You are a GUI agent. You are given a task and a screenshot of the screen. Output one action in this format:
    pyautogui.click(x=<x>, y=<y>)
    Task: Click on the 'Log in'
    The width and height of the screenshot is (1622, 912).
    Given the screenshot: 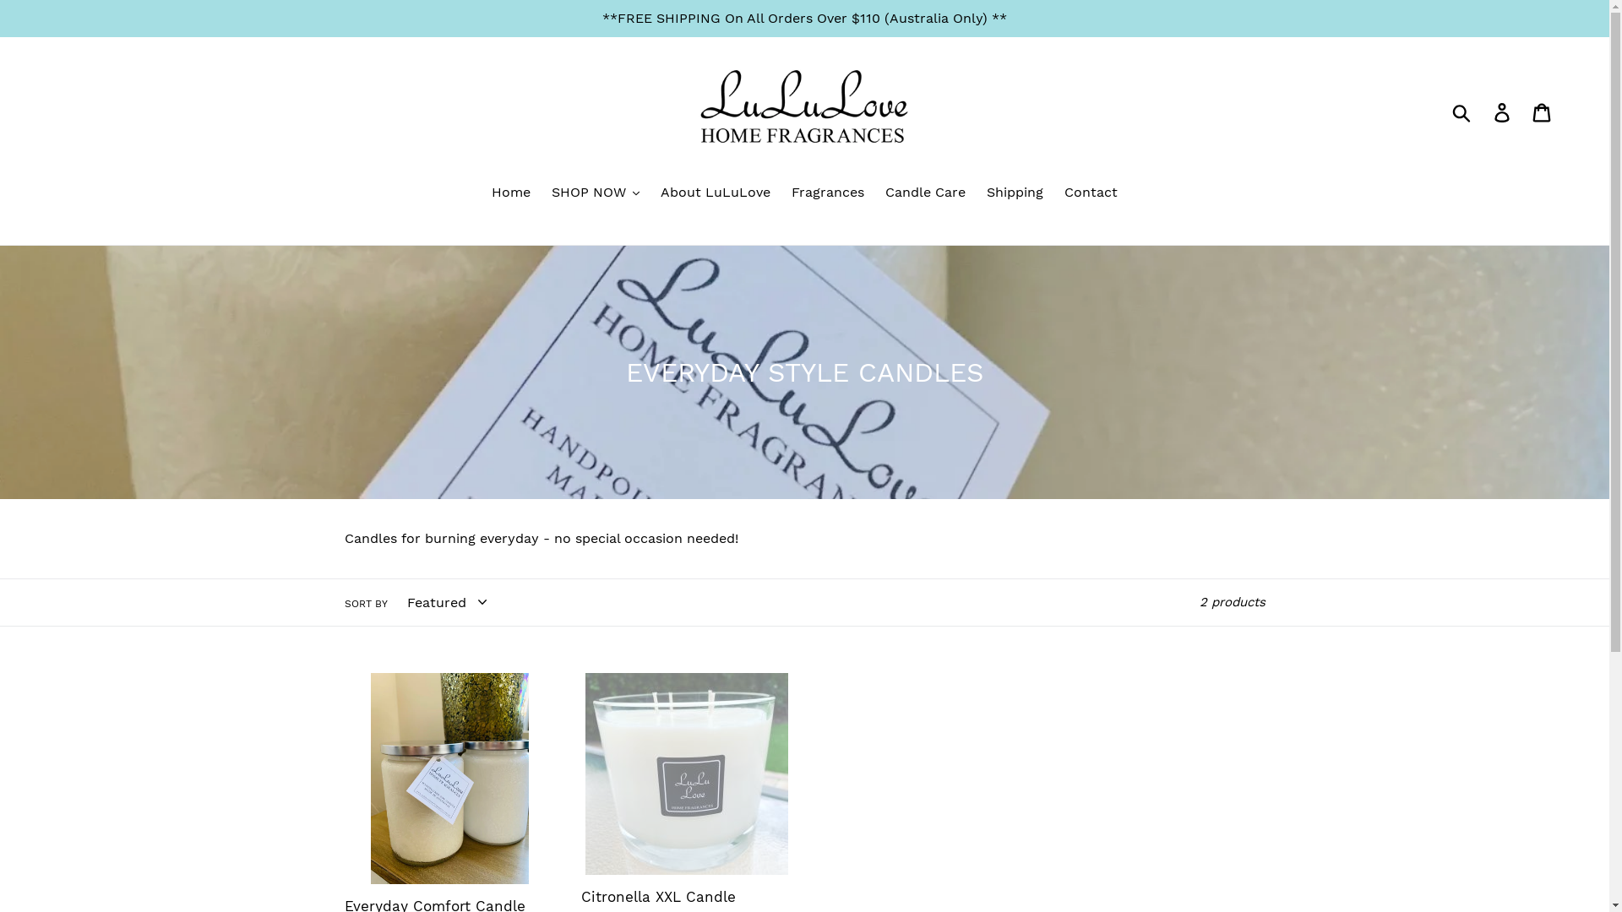 What is the action you would take?
    pyautogui.click(x=1503, y=111)
    